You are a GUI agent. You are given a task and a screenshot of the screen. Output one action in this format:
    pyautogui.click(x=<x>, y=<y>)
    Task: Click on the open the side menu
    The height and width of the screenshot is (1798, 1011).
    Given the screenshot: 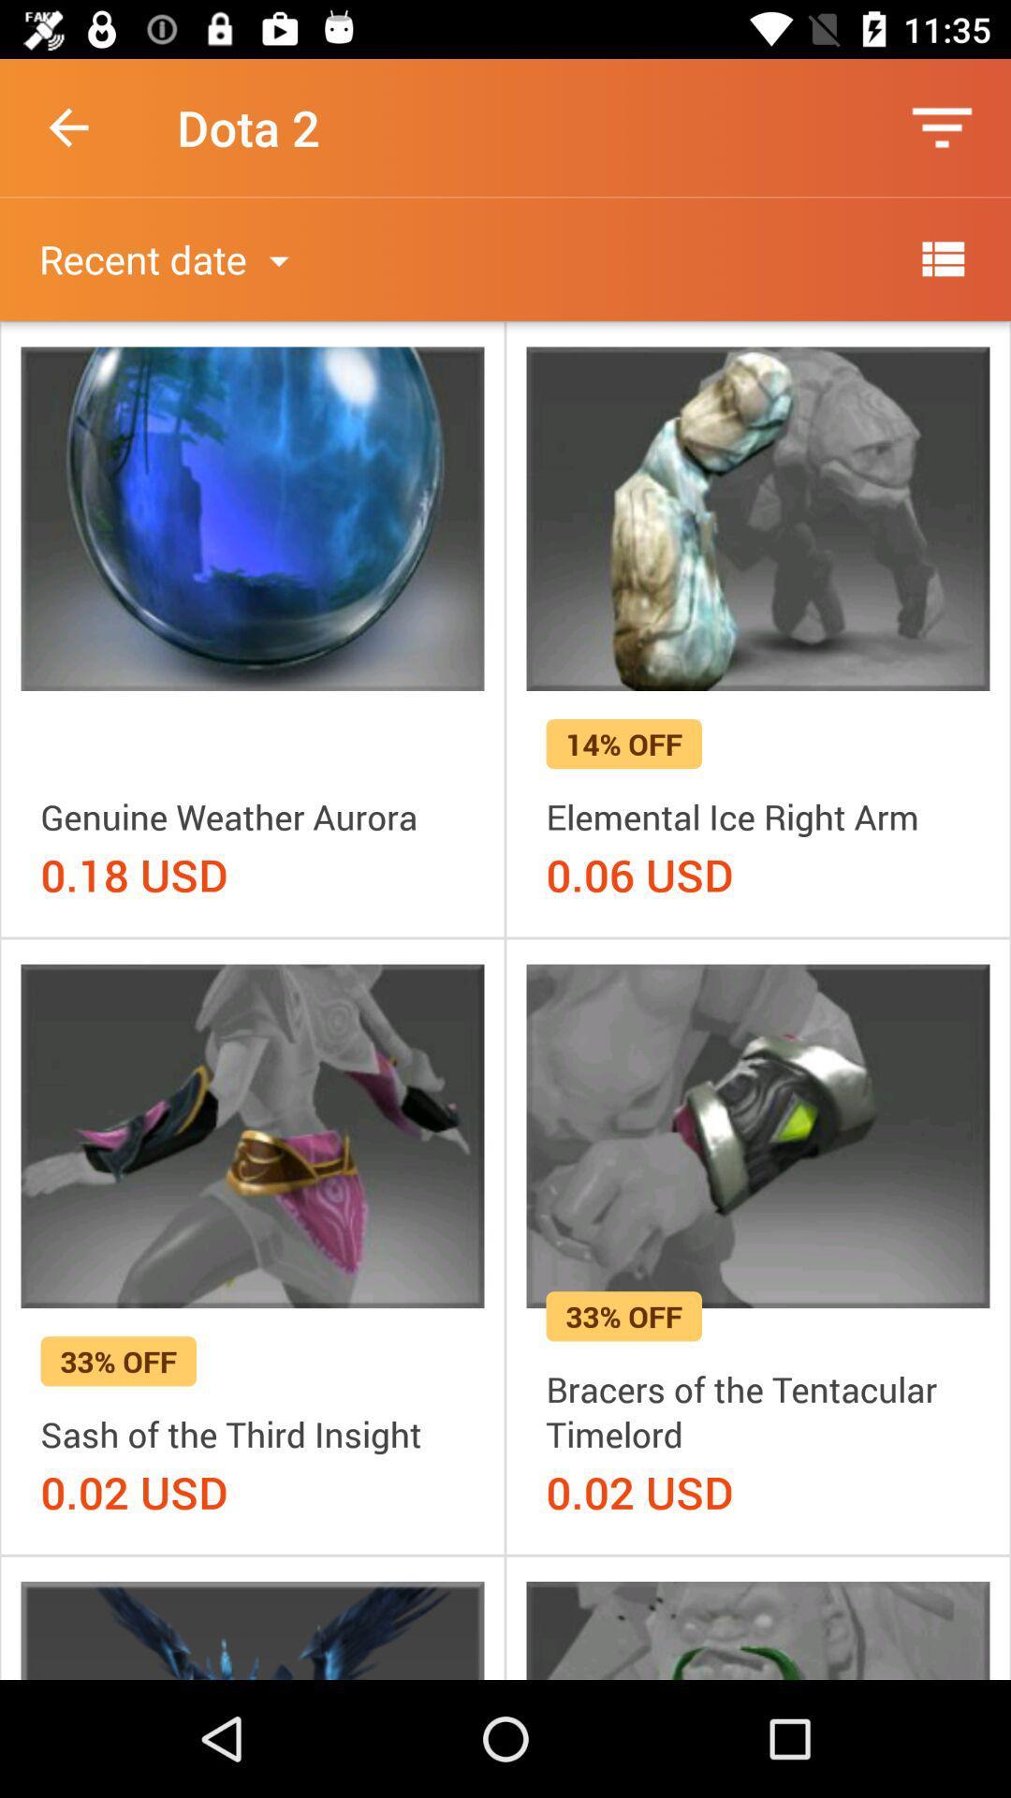 What is the action you would take?
    pyautogui.click(x=942, y=258)
    